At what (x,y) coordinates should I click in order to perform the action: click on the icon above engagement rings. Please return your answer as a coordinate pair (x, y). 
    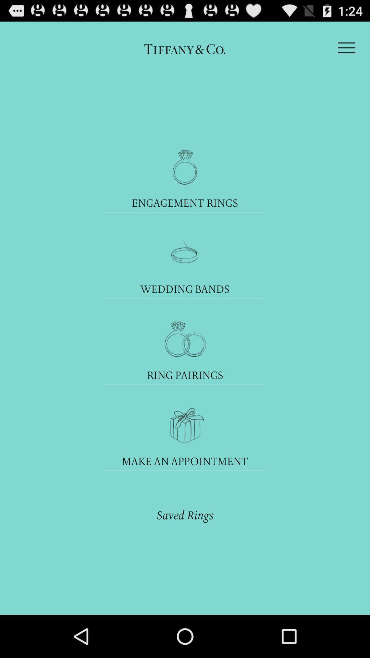
    Looking at the image, I should click on (185, 167).